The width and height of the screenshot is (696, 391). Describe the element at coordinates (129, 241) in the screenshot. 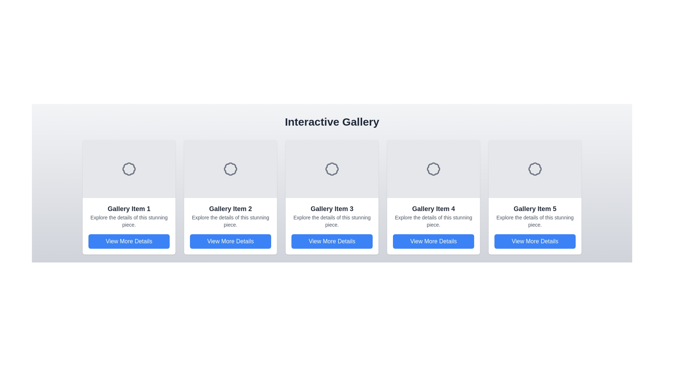

I see `the 'View More Details' button, which is a horizontally wide button with rounded corners and a blue background, located at the bottom of the 'Gallery Item 1' card` at that location.